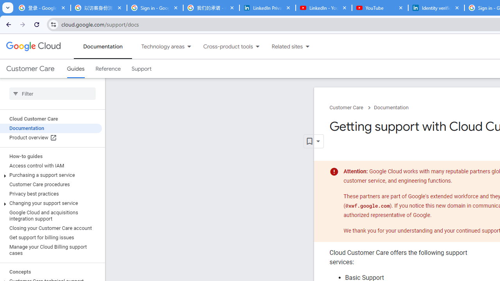  What do you see at coordinates (436, 8) in the screenshot?
I see `'Identity verification via Persona | LinkedIn Help'` at bounding box center [436, 8].